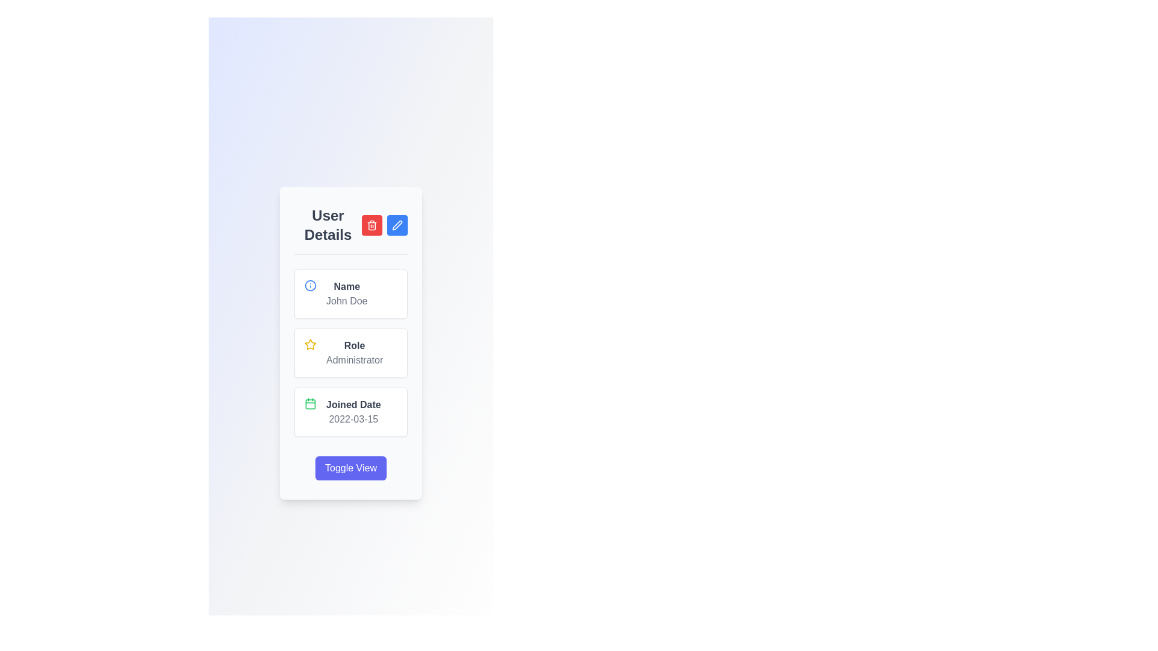  Describe the element at coordinates (310, 403) in the screenshot. I see `the 'Joined Date' icon, which visually indicates the concept of a date or calendar, located at the bottom of the panel to the left of the 'Joined Date' label` at that location.